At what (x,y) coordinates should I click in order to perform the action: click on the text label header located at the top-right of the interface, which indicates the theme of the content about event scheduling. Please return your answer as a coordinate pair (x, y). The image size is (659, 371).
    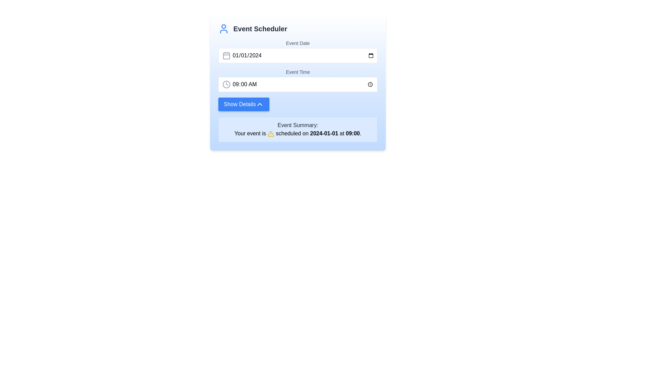
    Looking at the image, I should click on (260, 29).